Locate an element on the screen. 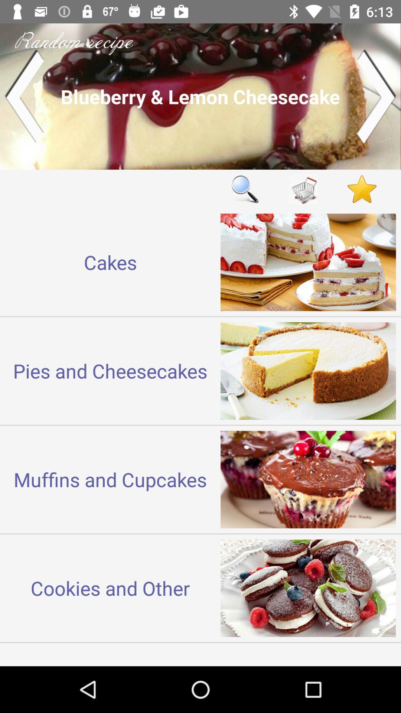 The height and width of the screenshot is (713, 401). the header picture is located at coordinates (200, 96).